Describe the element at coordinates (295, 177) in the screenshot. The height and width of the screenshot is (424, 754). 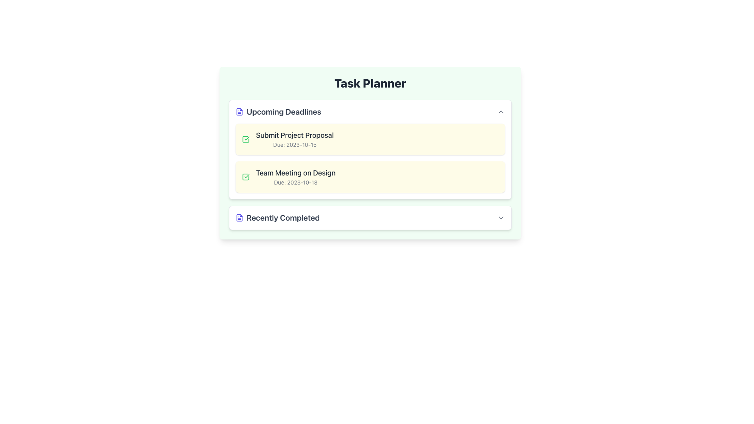
I see `the notification text block indicating a meeting title and its due date, located in the second row of the yellow cards under 'Upcoming Deadlines', to the right of a green checkmark icon` at that location.